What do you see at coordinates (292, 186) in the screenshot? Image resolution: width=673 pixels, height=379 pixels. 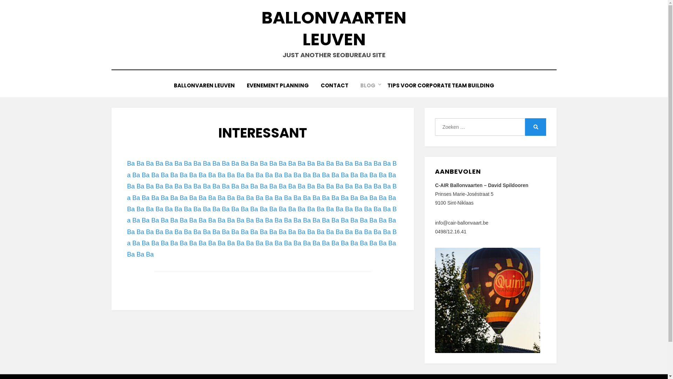 I see `'Ba'` at bounding box center [292, 186].